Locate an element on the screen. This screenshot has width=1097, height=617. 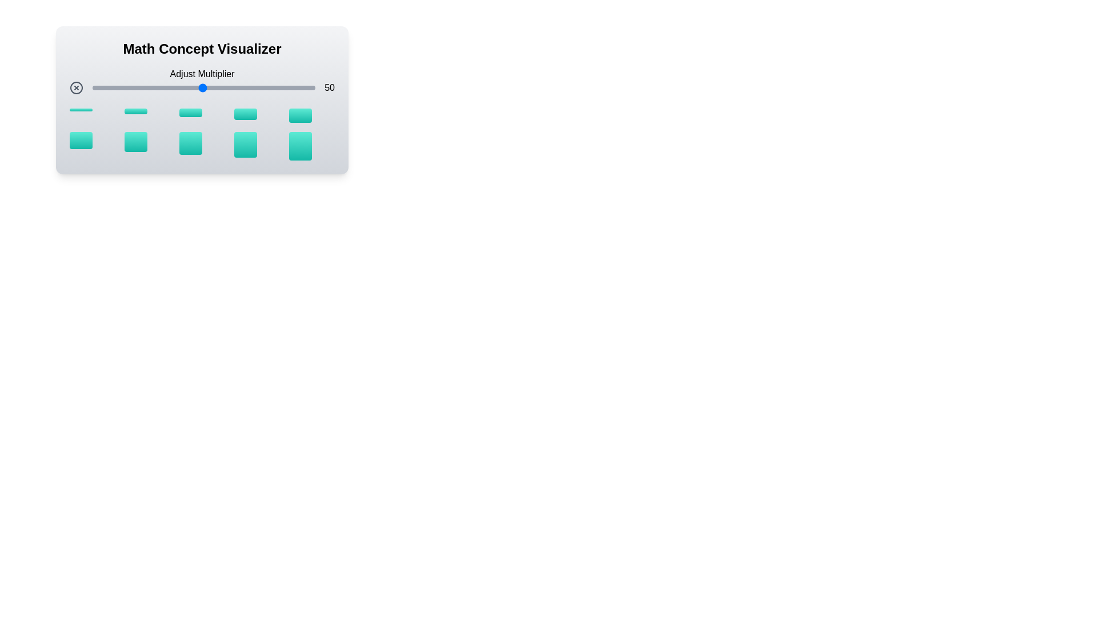
the multiplier slider to set the value to 36 is located at coordinates (170, 87).